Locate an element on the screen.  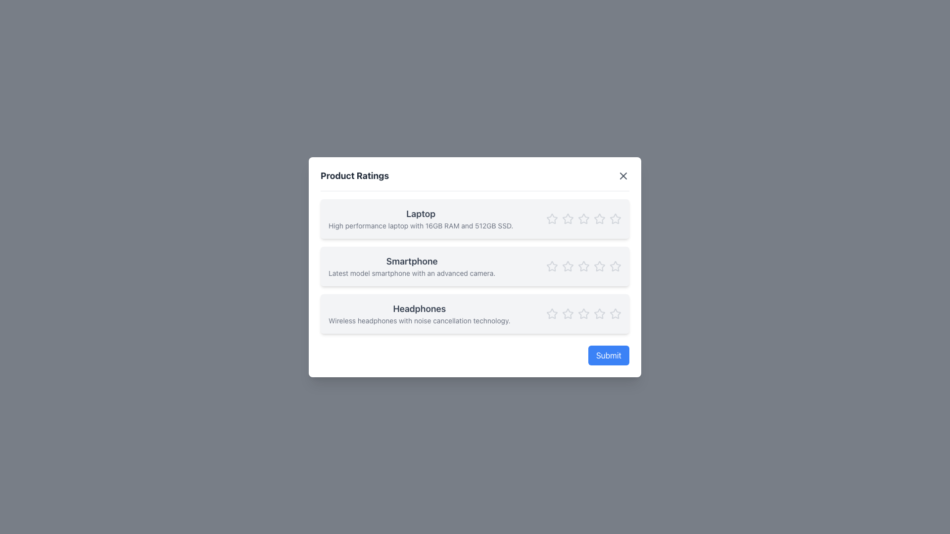
the third star icon is located at coordinates (568, 218).